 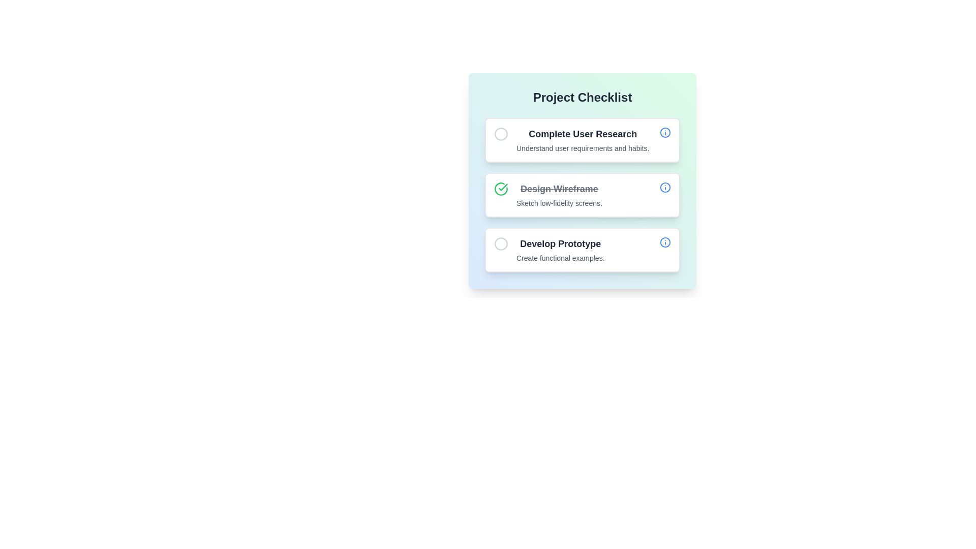 I want to click on the label with the title 'Complete User Research' and subtext 'Understand user requirements and habits.' located at the top of the checklist, so click(x=583, y=140).